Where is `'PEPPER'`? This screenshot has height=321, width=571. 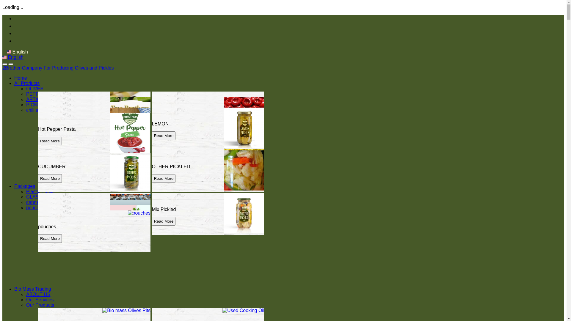
'PEPPER' is located at coordinates (26, 94).